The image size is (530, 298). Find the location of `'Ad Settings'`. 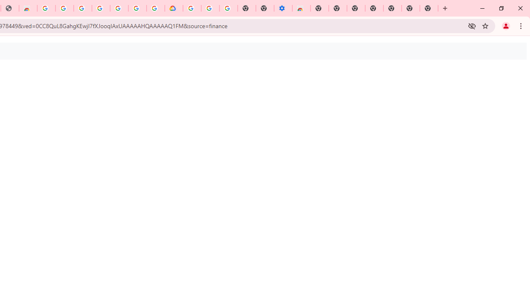

'Ad Settings' is located at coordinates (64, 8).